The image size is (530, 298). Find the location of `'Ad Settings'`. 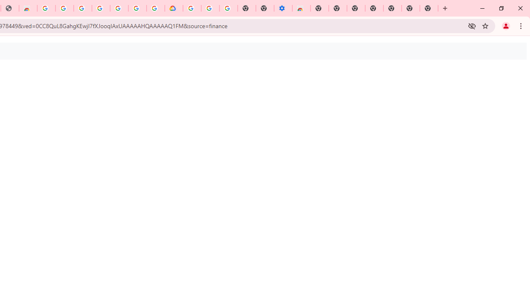

'Ad Settings' is located at coordinates (64, 8).